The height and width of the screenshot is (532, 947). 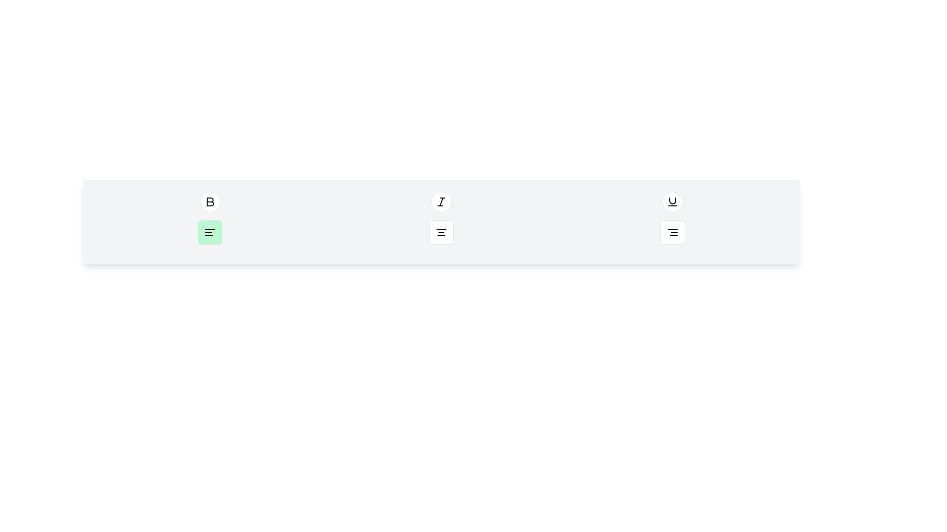 I want to click on the leftmost button in the formatting panel, so click(x=210, y=232).